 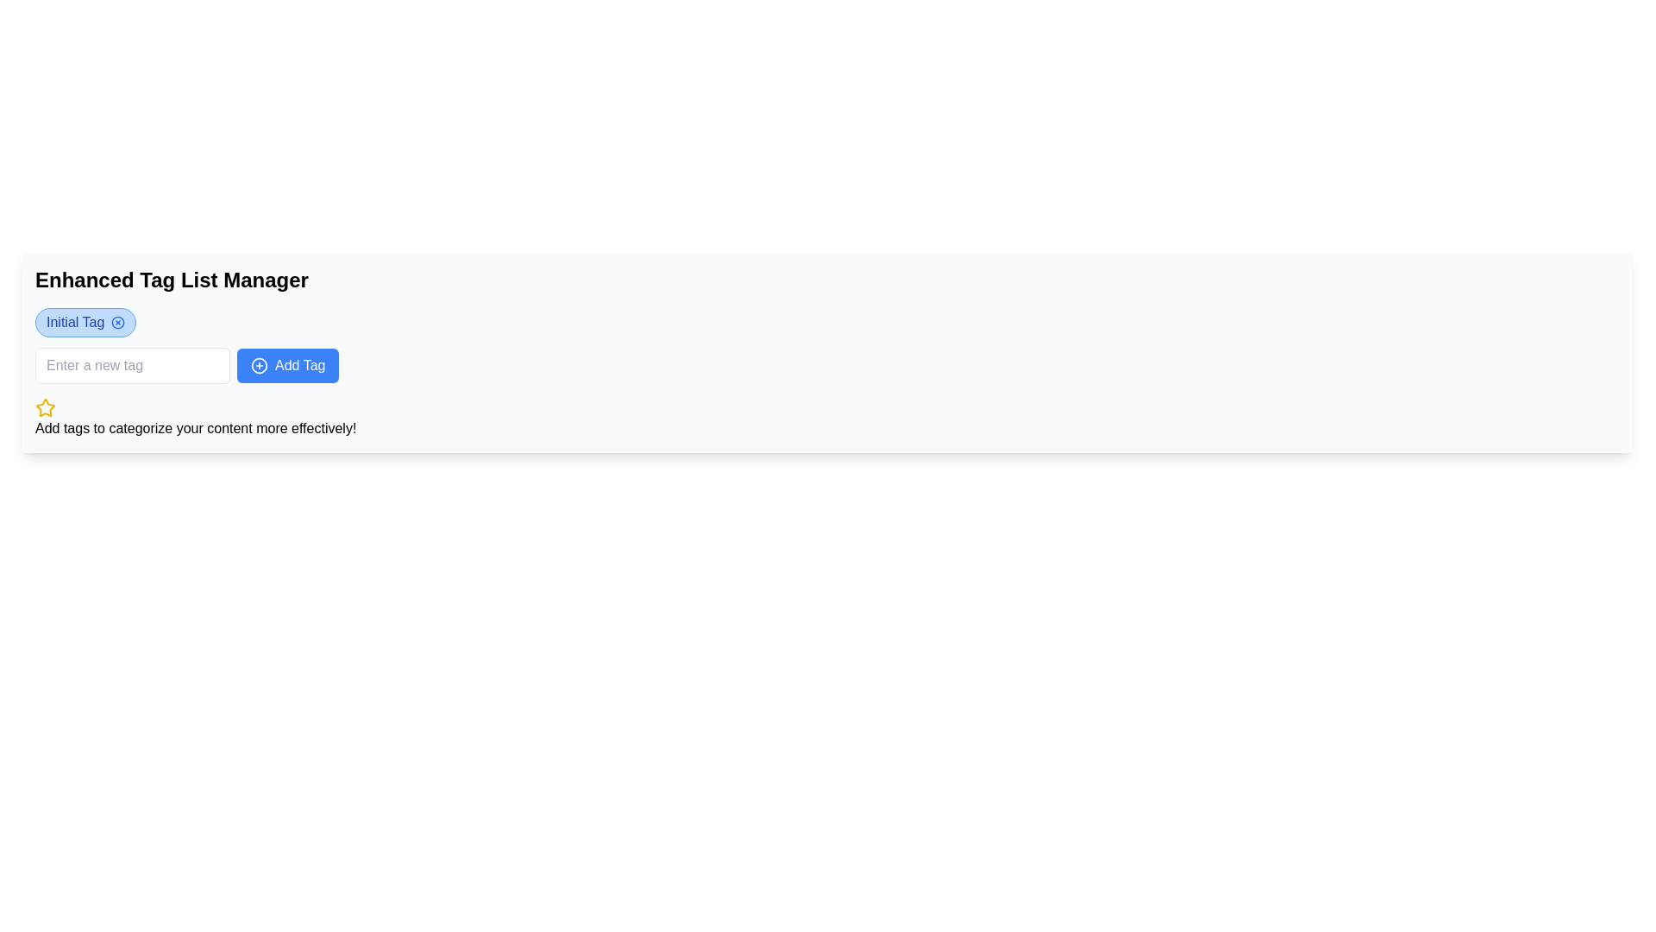 I want to click on the informational UI component that displays the instruction 'Add tags to categorize your content more effectively!' with a yellow star-shaped icon to its left, so click(x=196, y=419).